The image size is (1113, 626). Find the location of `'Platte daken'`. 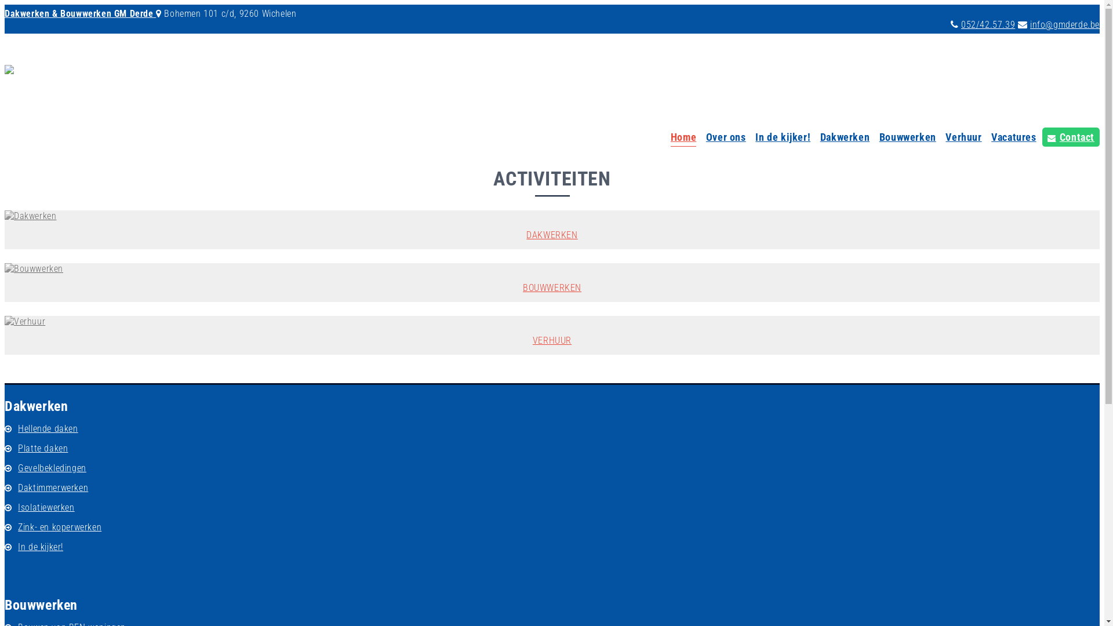

'Platte daken' is located at coordinates (14, 447).